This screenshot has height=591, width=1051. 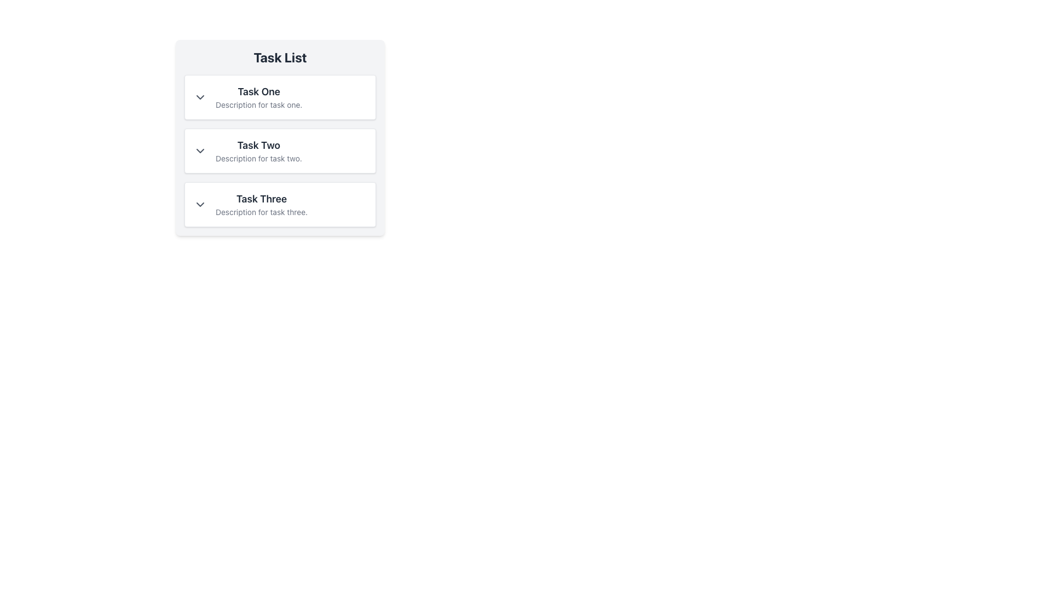 I want to click on the 'Task One' title text, which is bold, prominently displayed in dark gray, and located at the top center of the first task card in a vertically stacked list, so click(x=258, y=91).